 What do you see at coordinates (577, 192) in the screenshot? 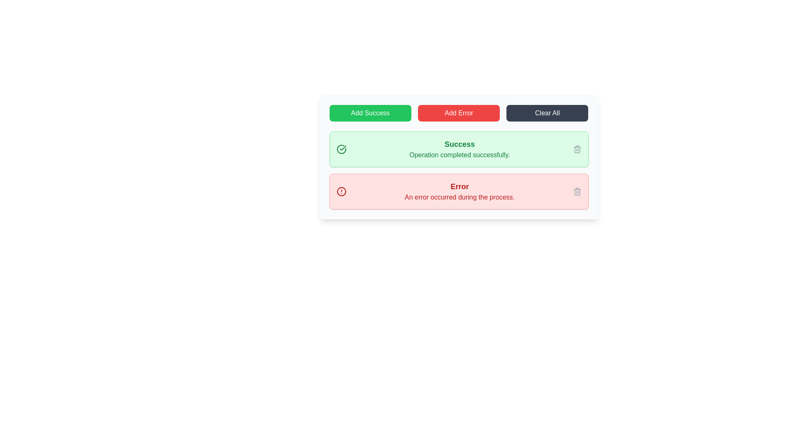
I see `the trash bin icon button located at the far right of the red-shaded rectangular error notification area` at bounding box center [577, 192].